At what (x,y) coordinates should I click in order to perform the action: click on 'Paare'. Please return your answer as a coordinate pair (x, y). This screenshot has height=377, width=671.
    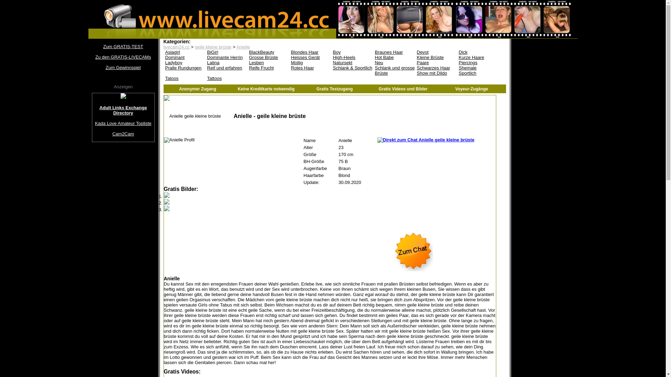
    Looking at the image, I should click on (436, 62).